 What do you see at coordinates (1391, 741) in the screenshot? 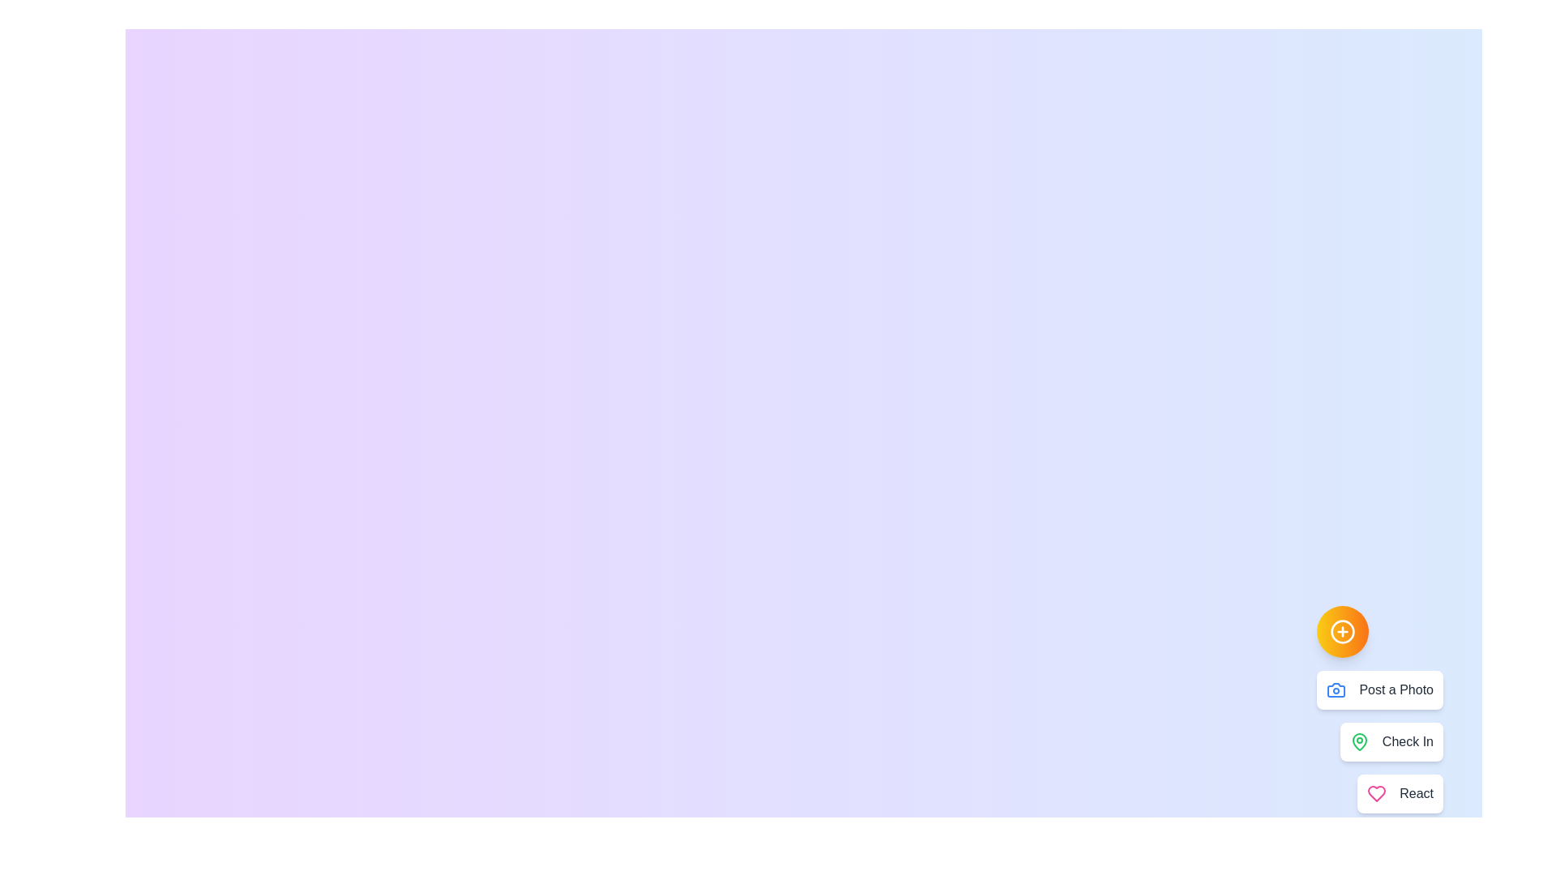
I see `the option labeled Check In to observe its hover effect` at bounding box center [1391, 741].